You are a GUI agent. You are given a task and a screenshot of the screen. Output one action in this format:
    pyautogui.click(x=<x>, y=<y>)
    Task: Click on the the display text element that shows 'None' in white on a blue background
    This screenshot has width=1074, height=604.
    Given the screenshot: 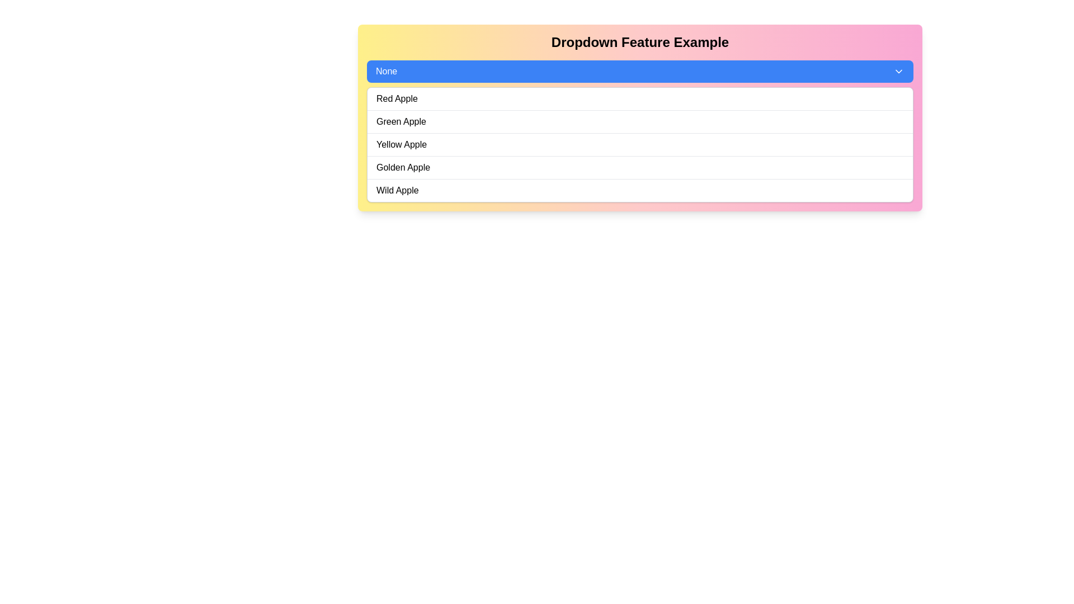 What is the action you would take?
    pyautogui.click(x=387, y=71)
    